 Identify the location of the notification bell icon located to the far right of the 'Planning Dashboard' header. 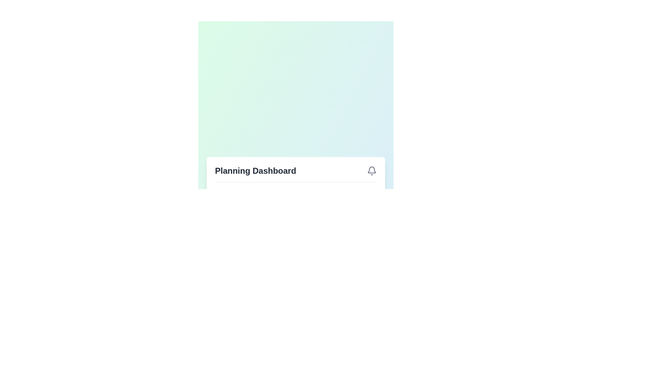
(372, 170).